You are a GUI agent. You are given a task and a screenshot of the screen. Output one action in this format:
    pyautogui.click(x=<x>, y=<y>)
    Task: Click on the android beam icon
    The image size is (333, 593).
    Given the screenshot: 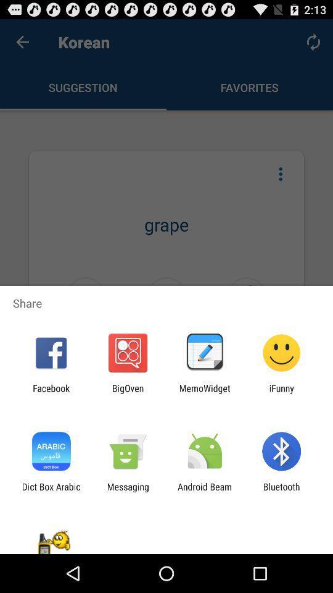 What is the action you would take?
    pyautogui.click(x=205, y=492)
    